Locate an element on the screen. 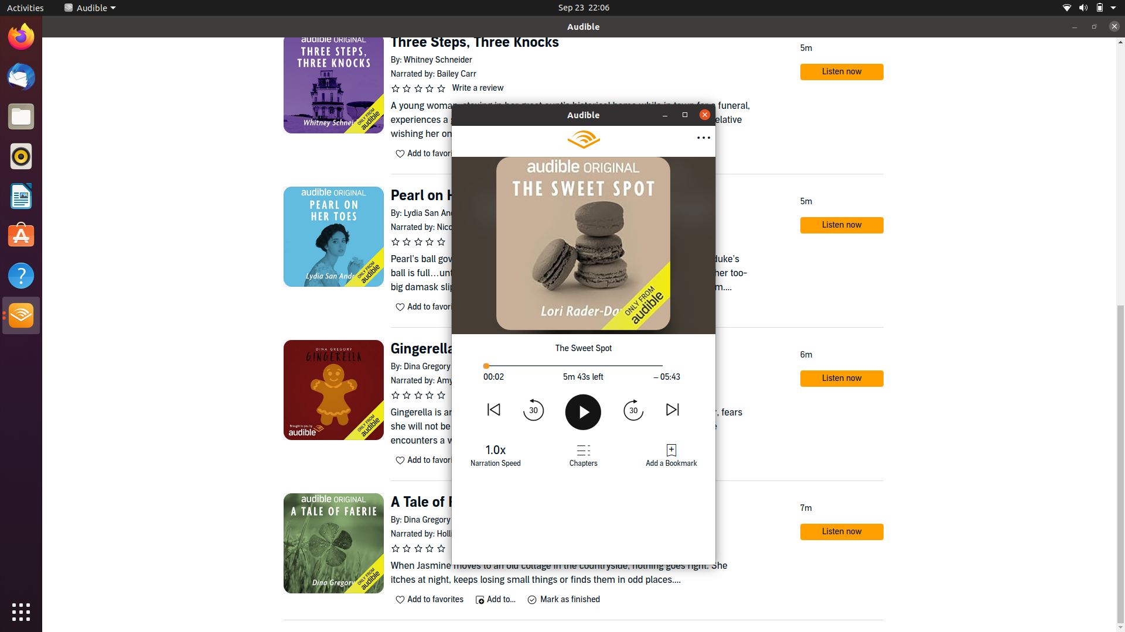 This screenshot has width=1125, height=632. Fast forward by 1 min (30 seconds button twice) is located at coordinates (632, 408).